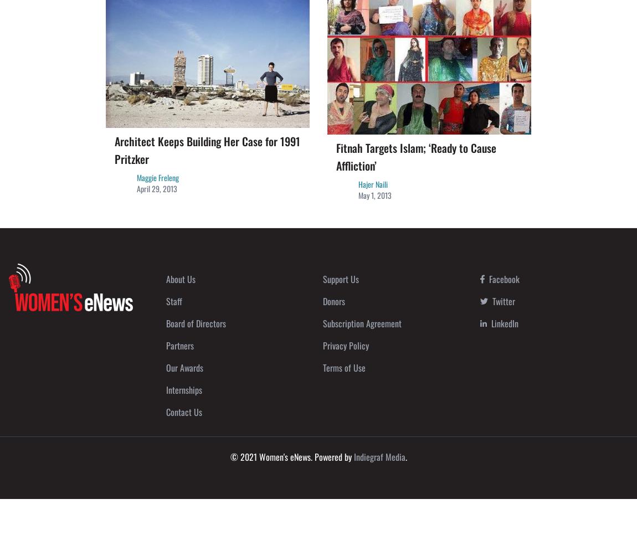  I want to click on 'Architect Keeps Building Her Case for 1991 Pritzker', so click(207, 149).